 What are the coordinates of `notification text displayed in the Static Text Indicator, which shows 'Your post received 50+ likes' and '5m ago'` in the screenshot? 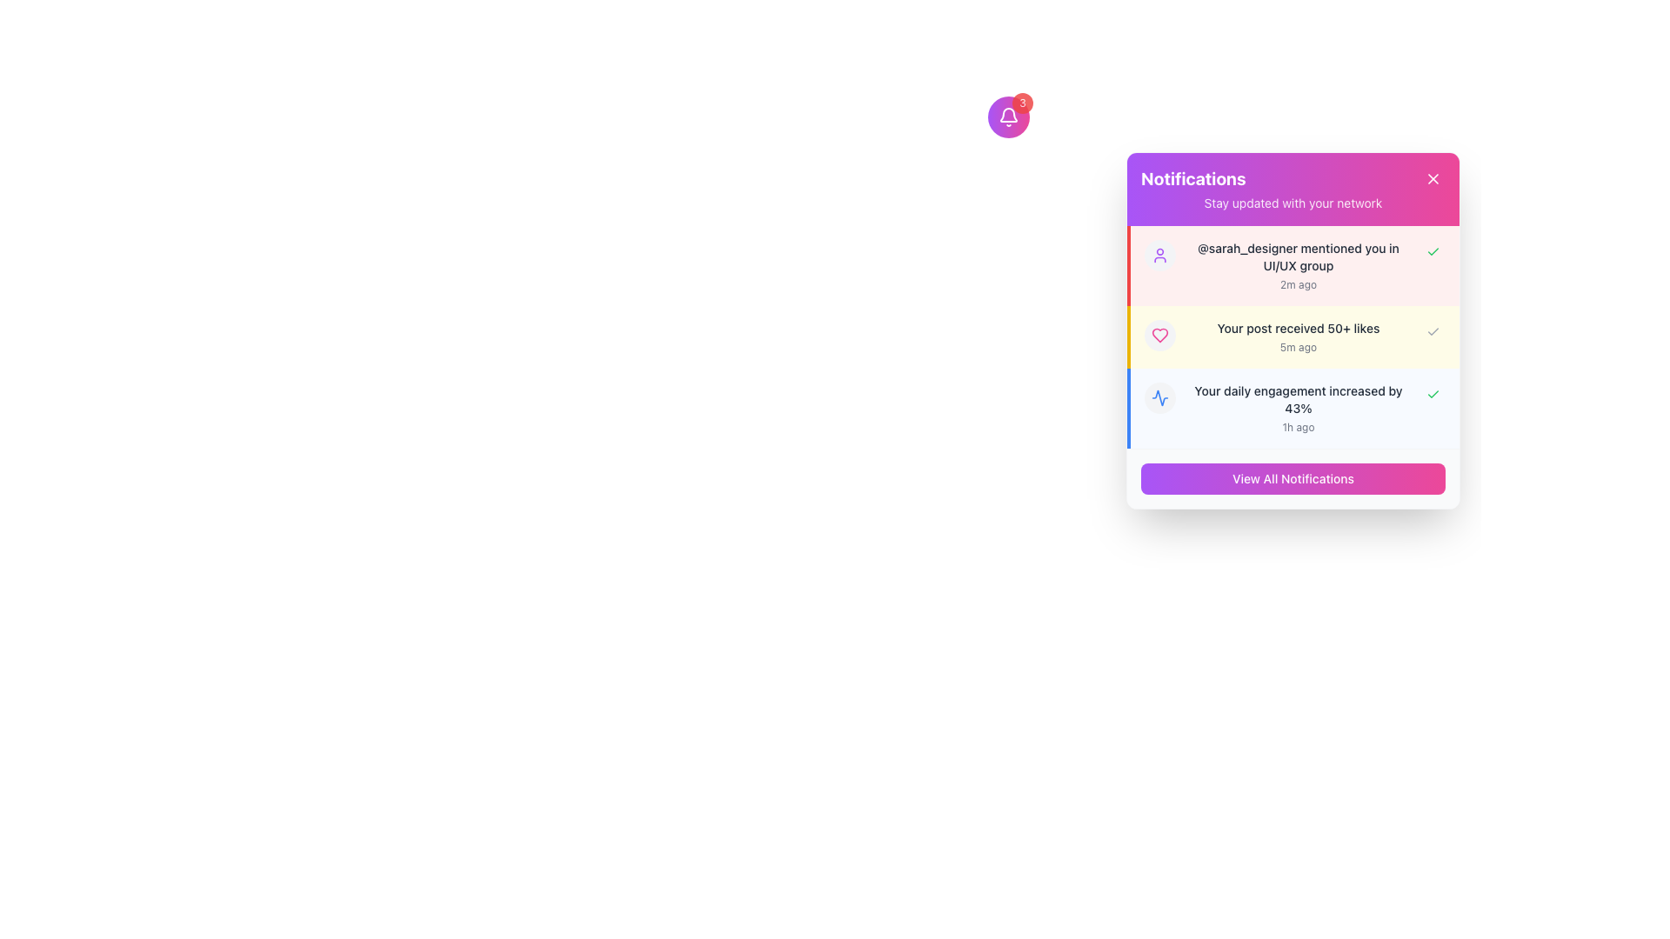 It's located at (1298, 337).